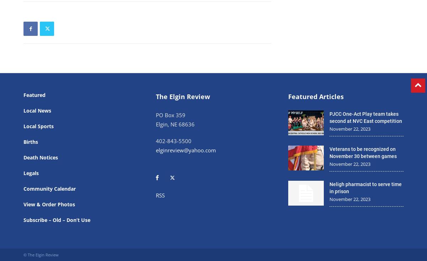  What do you see at coordinates (156, 141) in the screenshot?
I see `'402-843-5500'` at bounding box center [156, 141].